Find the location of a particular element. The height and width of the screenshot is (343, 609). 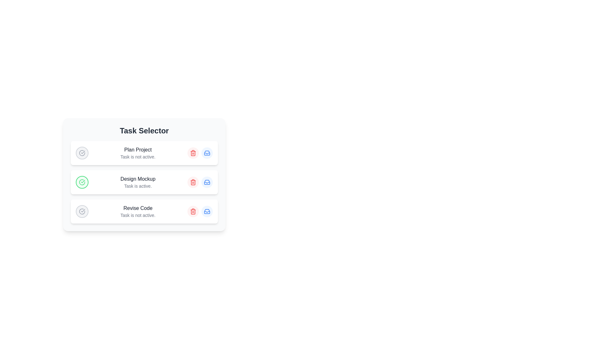

the gray circular button with a checkmark icon is located at coordinates (82, 212).